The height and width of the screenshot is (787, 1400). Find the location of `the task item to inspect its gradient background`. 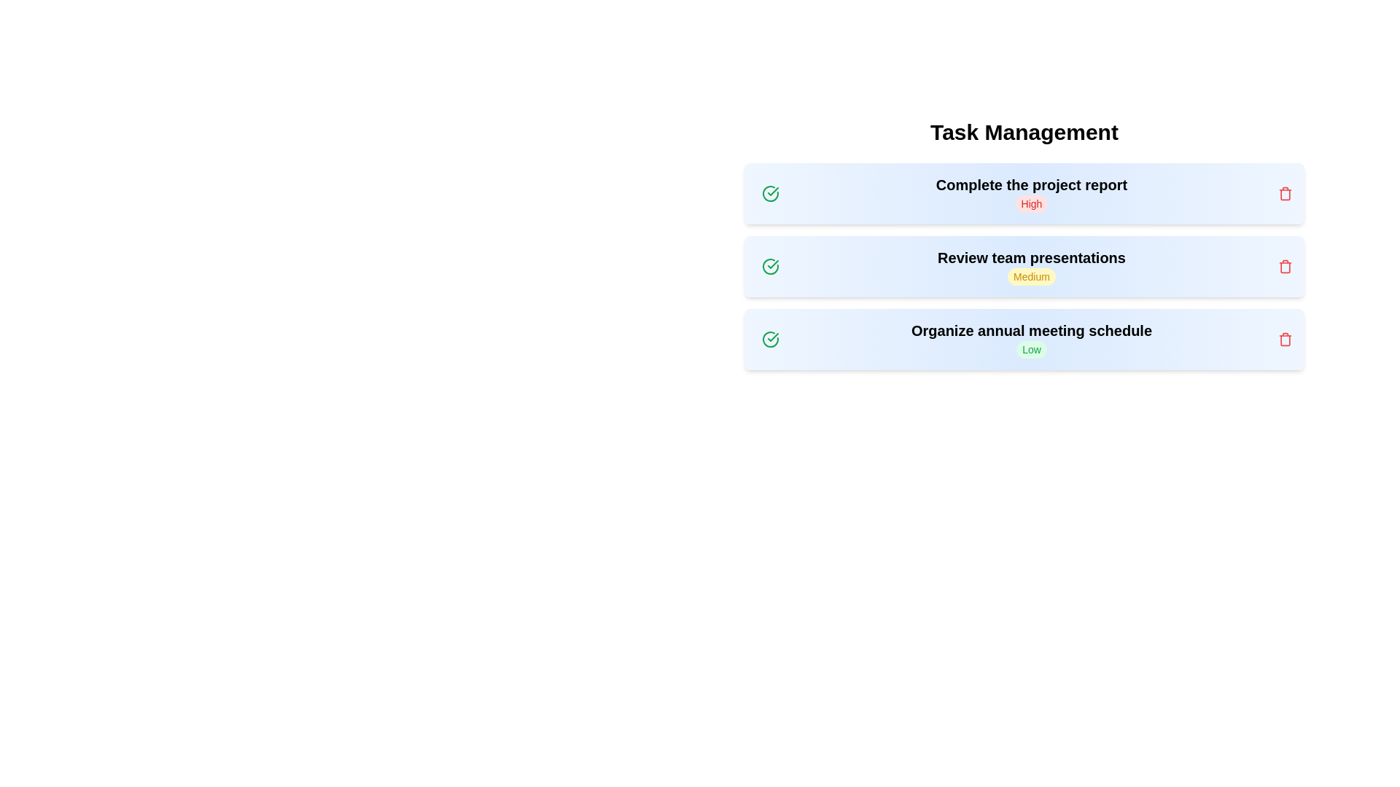

the task item to inspect its gradient background is located at coordinates (1024, 193).